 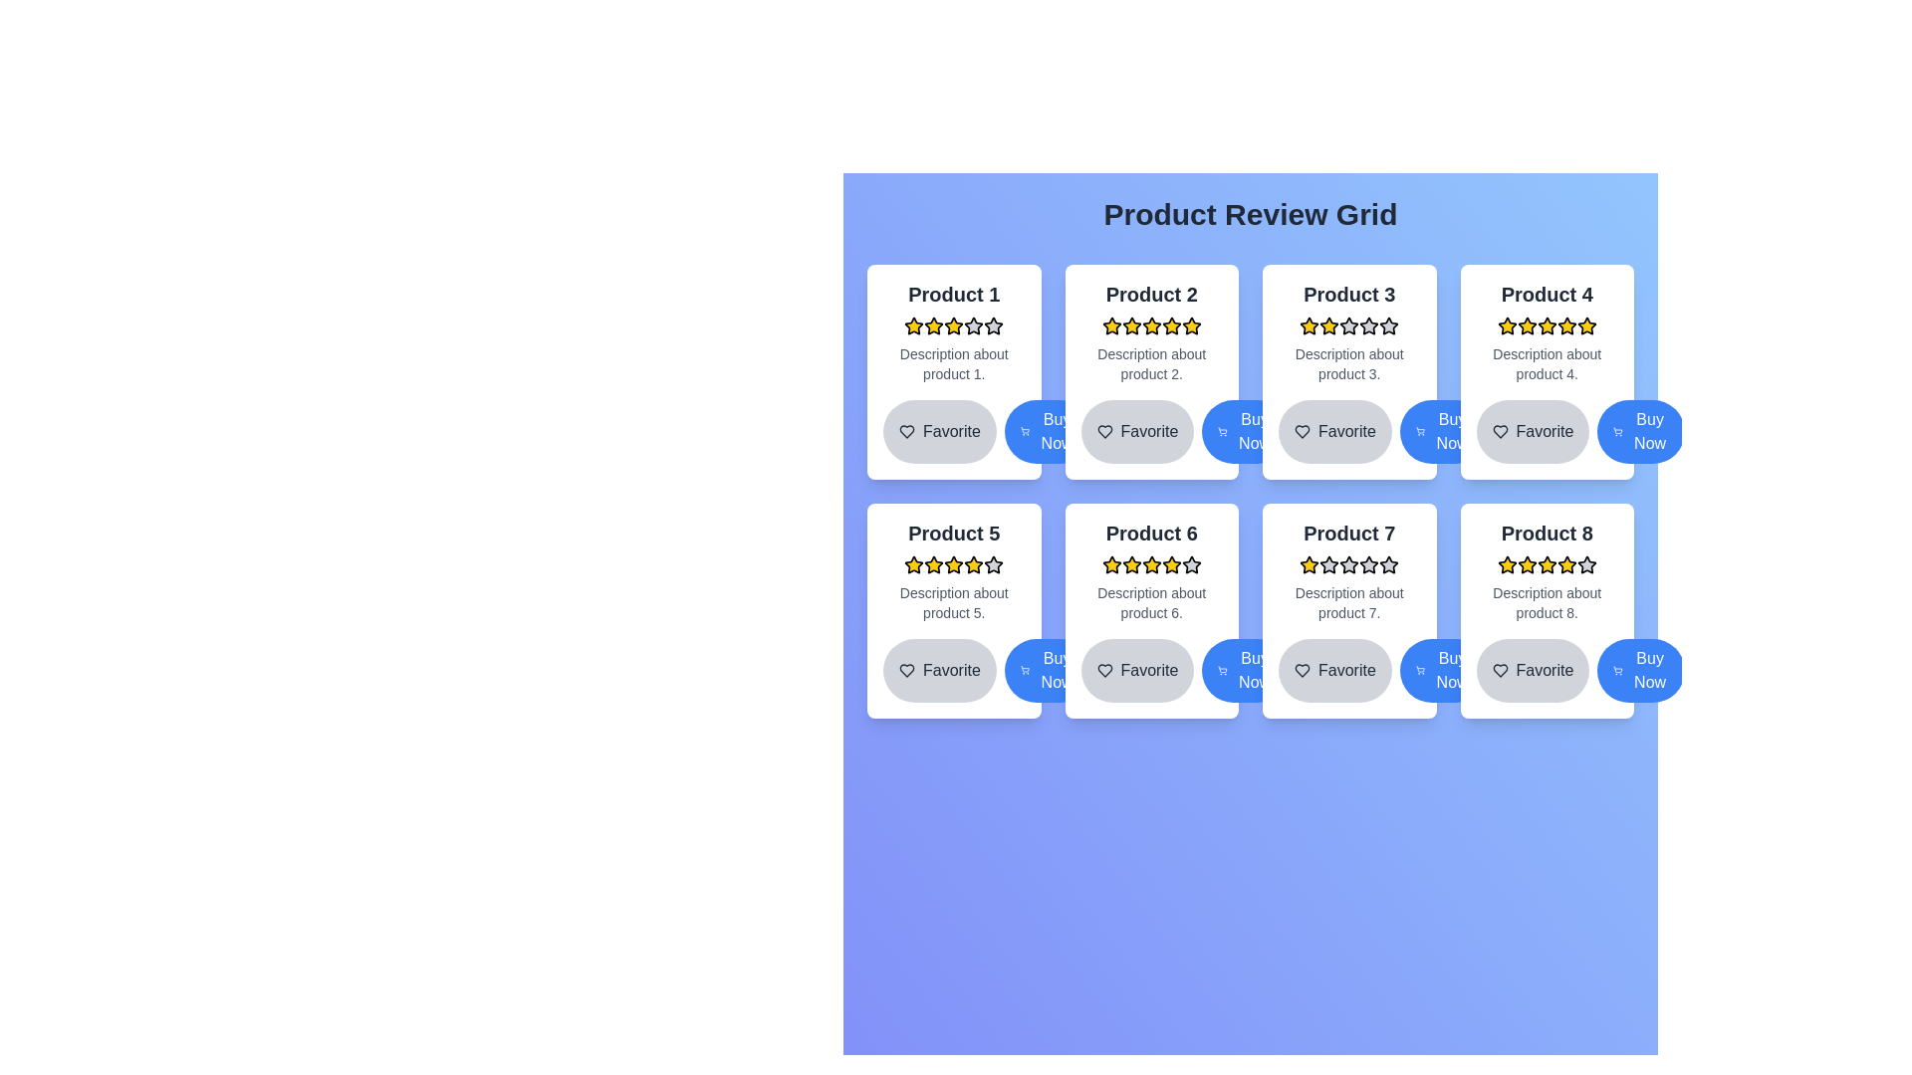 I want to click on the text label displaying 'Product 6', which is styled with bold font and dark gray color, located in the center of the sixth item in the grid layout, so click(x=1151, y=533).